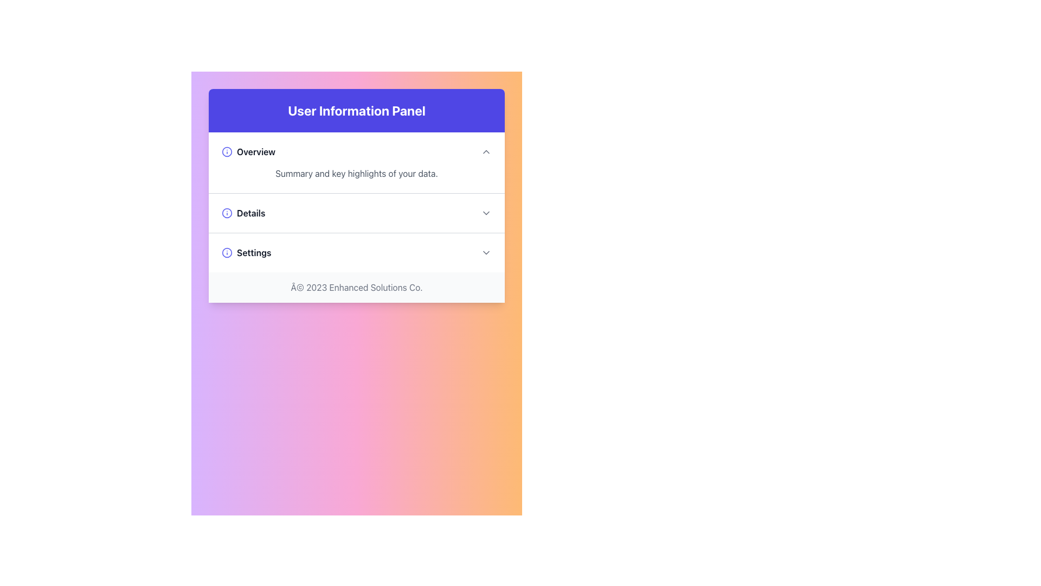 This screenshot has width=1041, height=586. What do you see at coordinates (226, 152) in the screenshot?
I see `the informational icon located to the left of the 'Overview' text in the main panel, which provides supplementary explanations or contextual help` at bounding box center [226, 152].